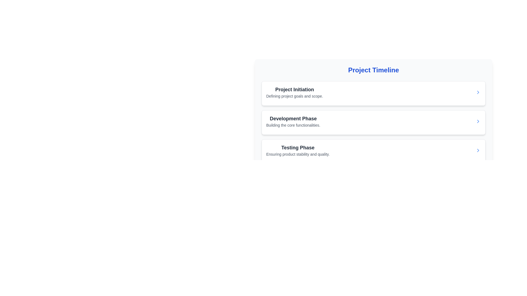 The height and width of the screenshot is (296, 527). What do you see at coordinates (298, 147) in the screenshot?
I see `the label reading 'Testing Phase', which is styled with a large bold font in dark gray, positioned prominently in the third section of a vertical list` at bounding box center [298, 147].